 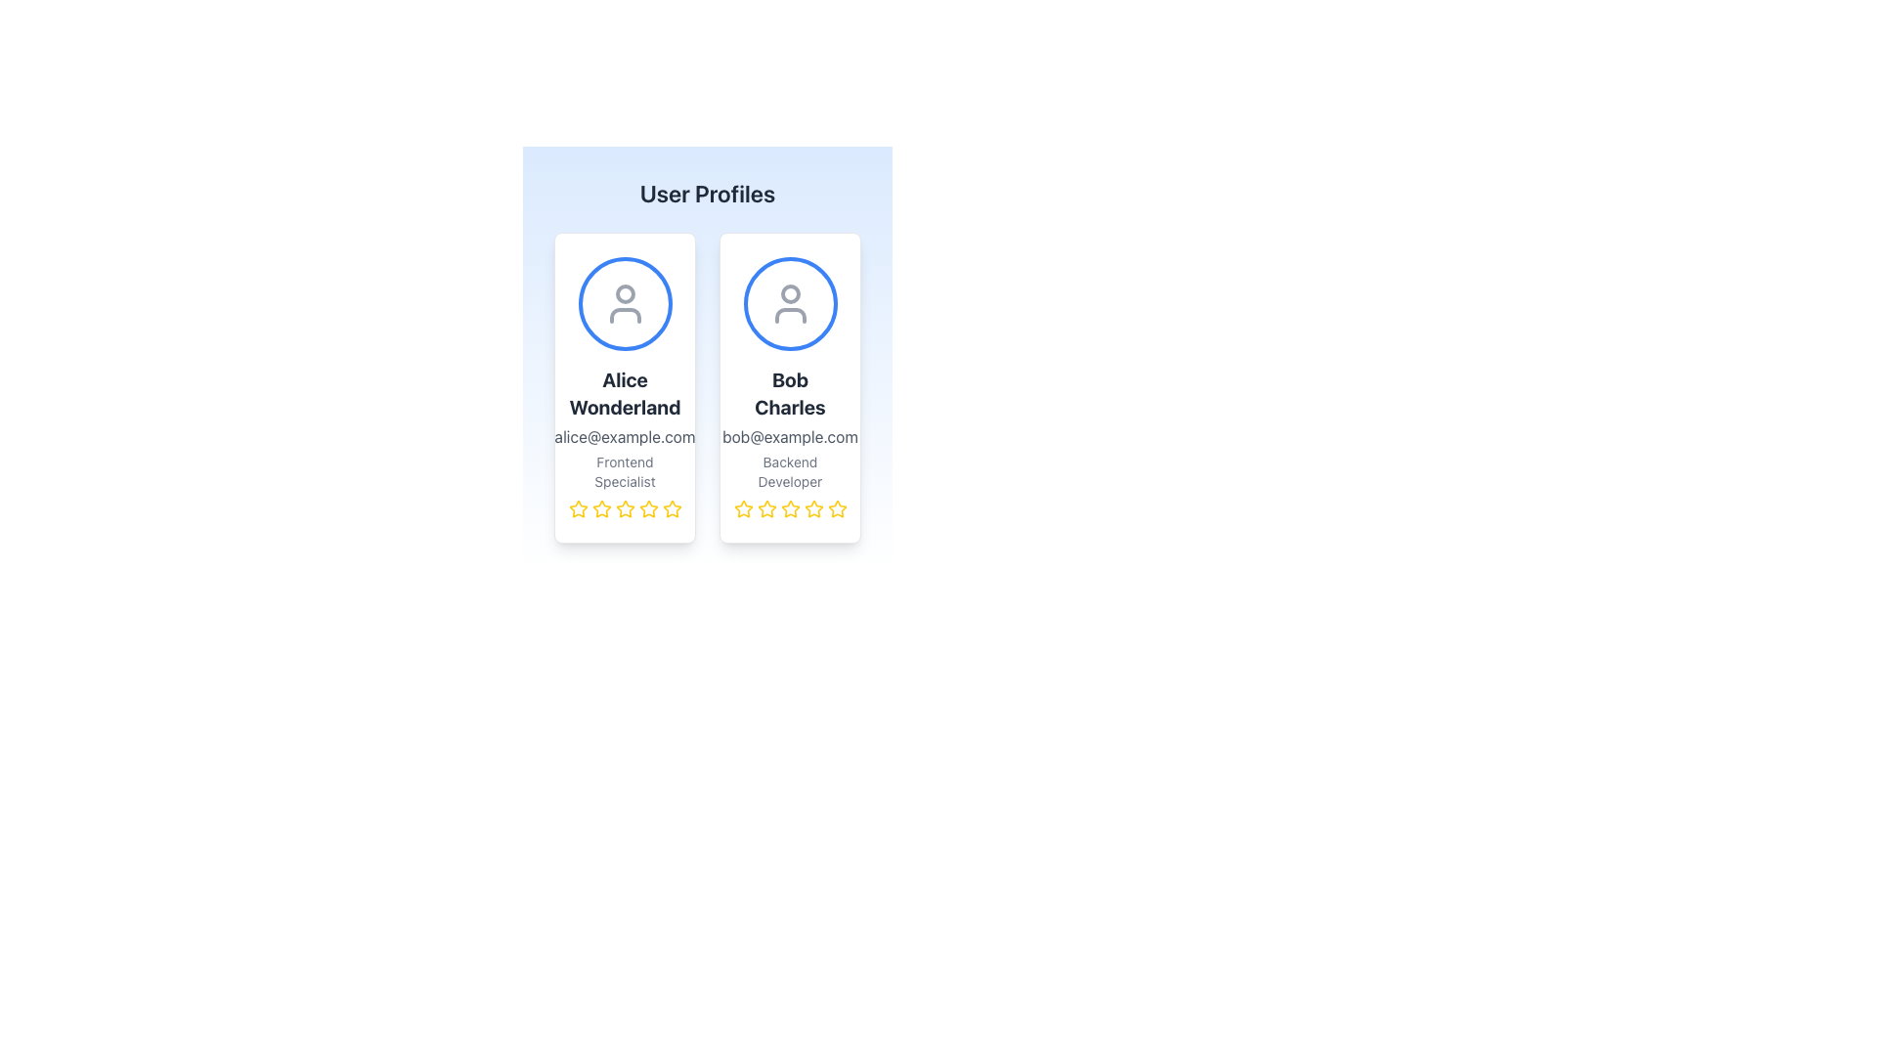 I want to click on the third yellow star icon in the rating system below the profile information for 'Alice Wonderland', so click(x=624, y=507).